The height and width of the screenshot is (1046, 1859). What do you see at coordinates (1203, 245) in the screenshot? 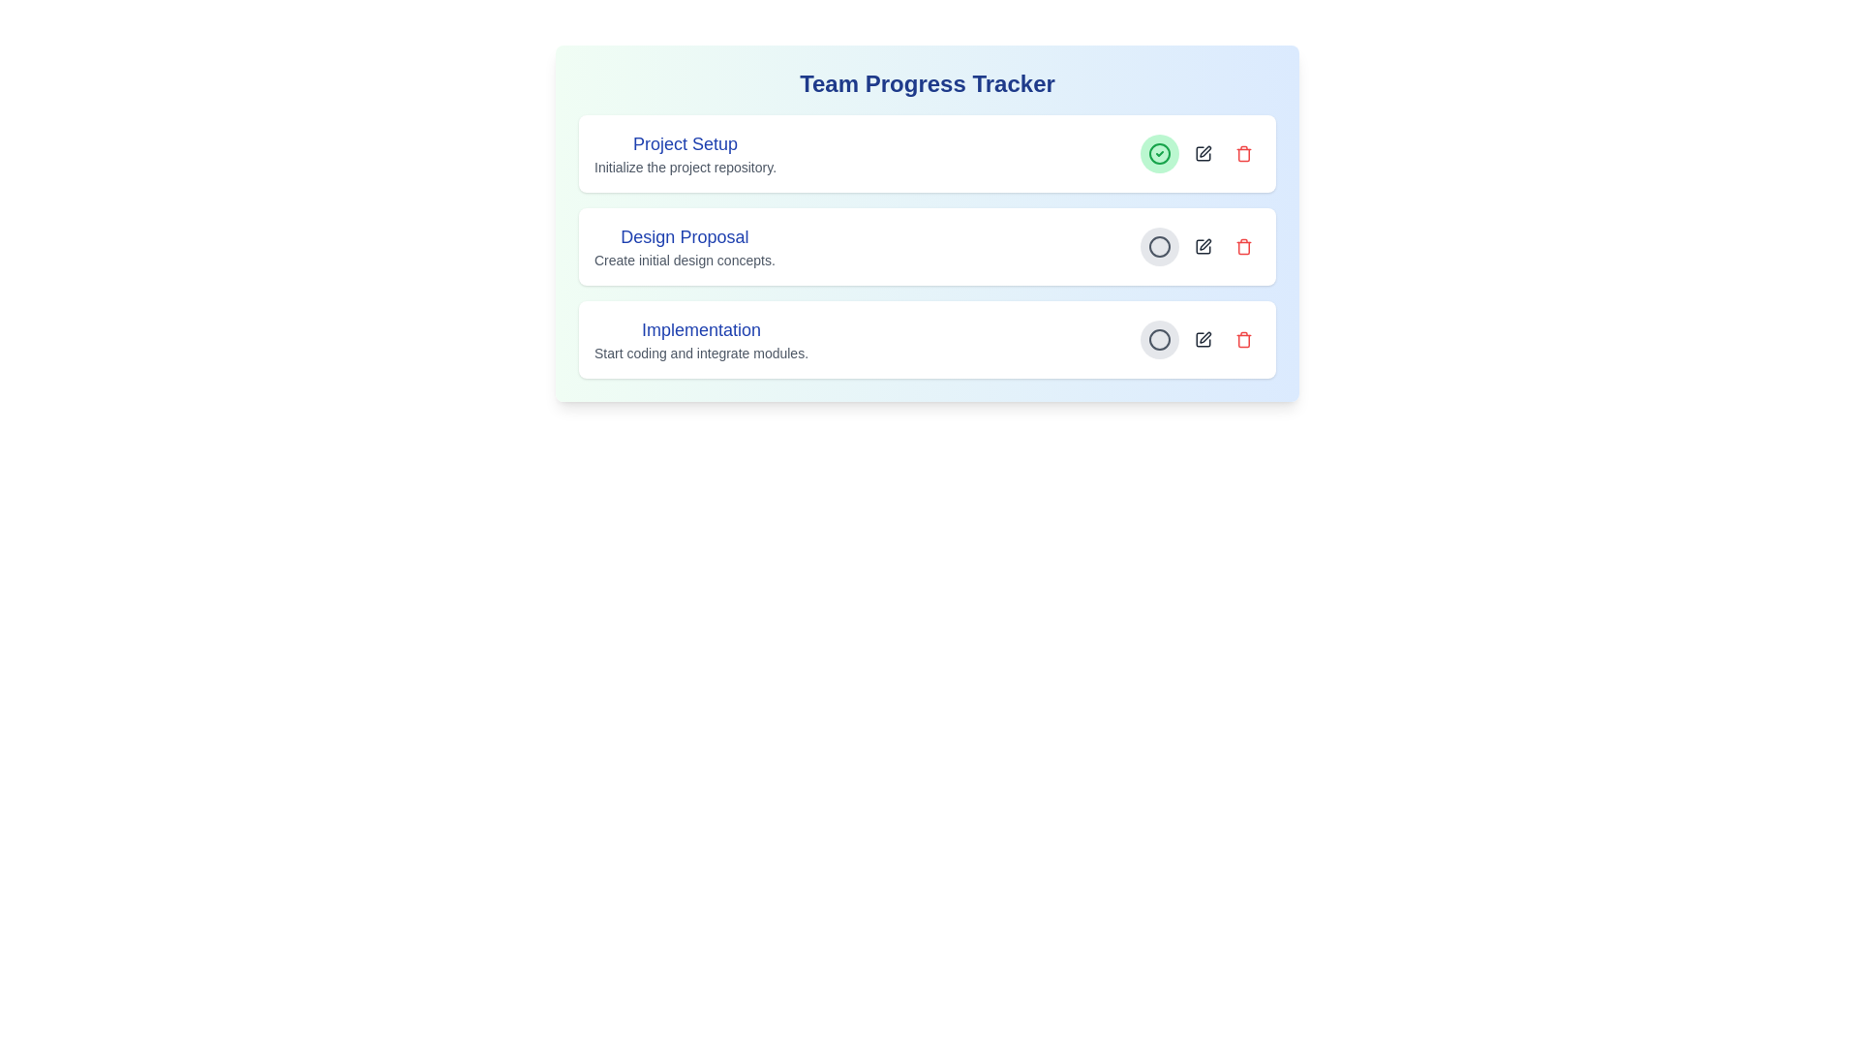
I see `edit button for the task titled 'Design Proposal'` at bounding box center [1203, 245].